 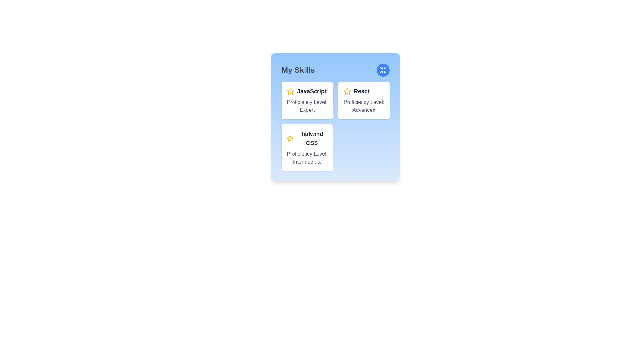 What do you see at coordinates (307, 106) in the screenshot?
I see `italicized gray text label that states 'Proficiency Level: Expert.' This label is positioned below the bold text 'JavaScript' and a star icon, indicating the skill's level` at bounding box center [307, 106].